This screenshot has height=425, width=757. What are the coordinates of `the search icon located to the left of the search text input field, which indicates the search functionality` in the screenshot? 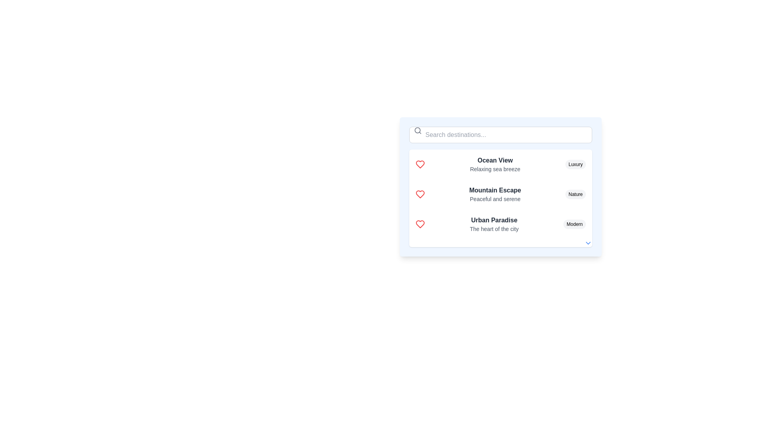 It's located at (418, 130).